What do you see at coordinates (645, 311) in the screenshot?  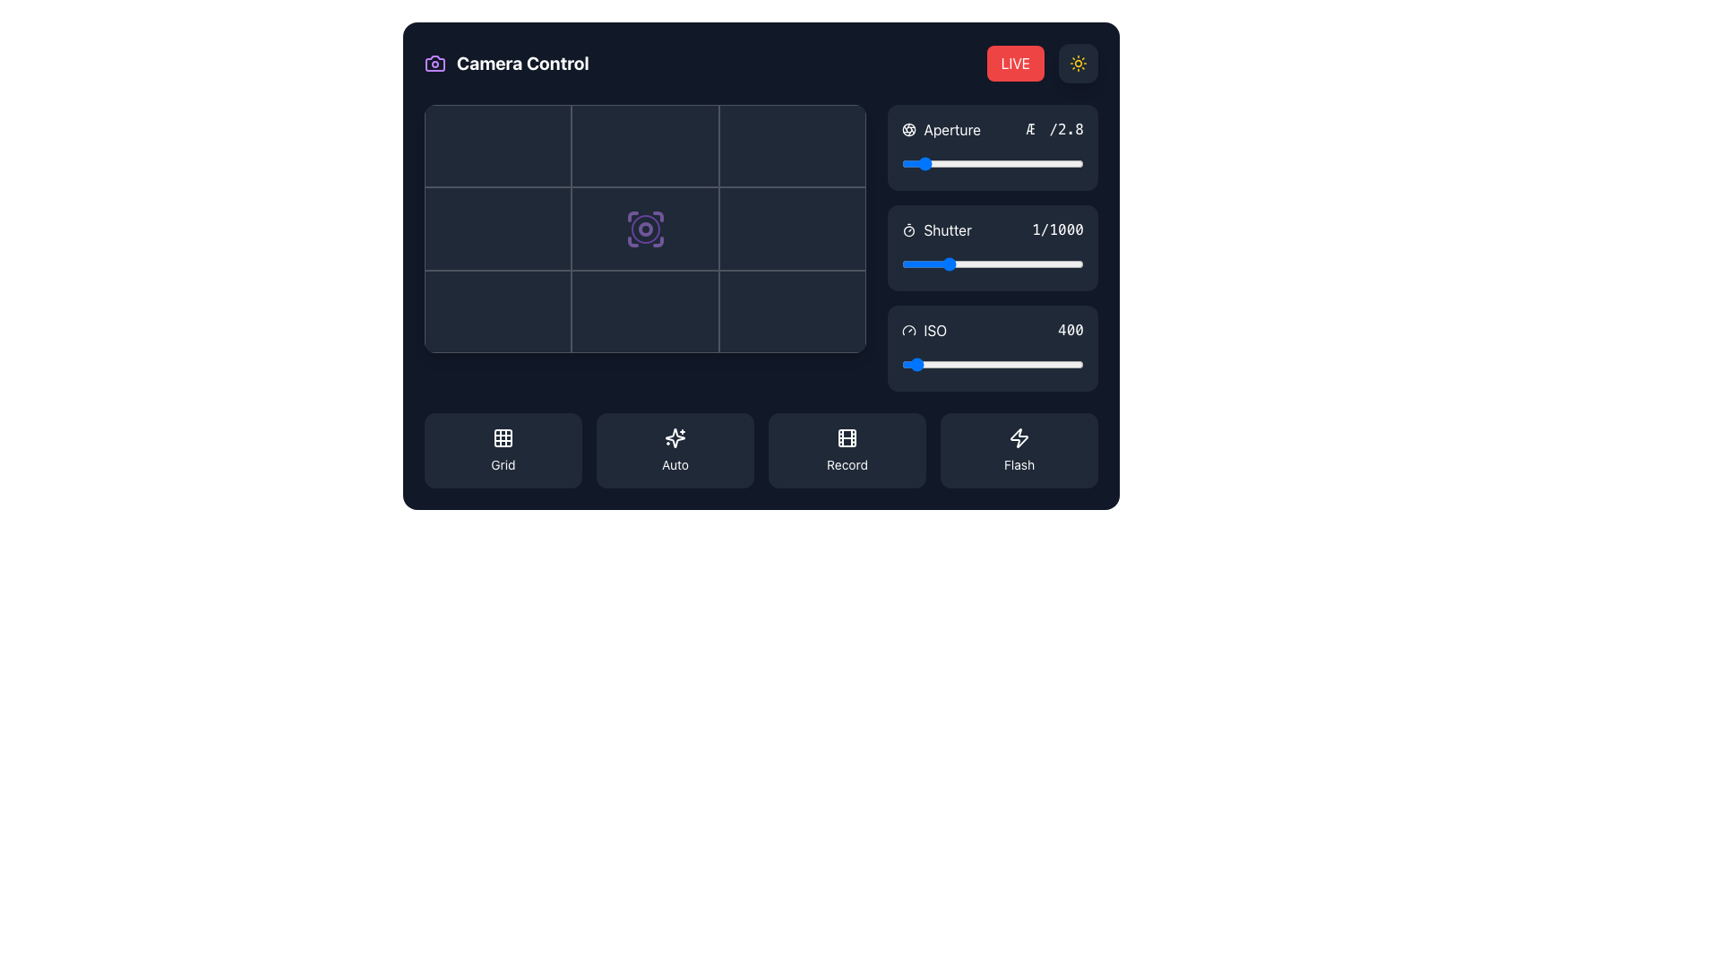 I see `the clickable grid cell located in the bottom-middle position of the grid` at bounding box center [645, 311].